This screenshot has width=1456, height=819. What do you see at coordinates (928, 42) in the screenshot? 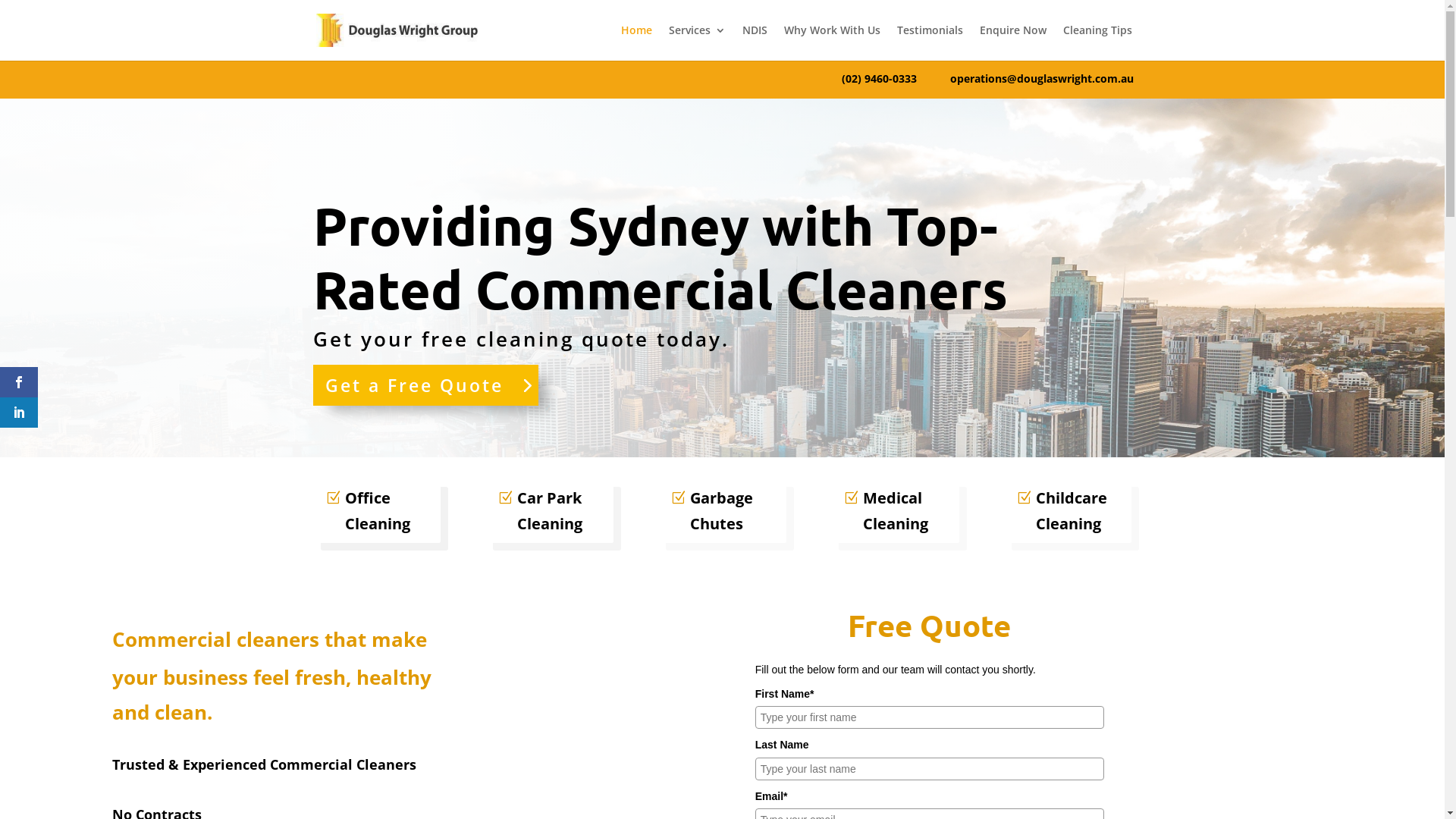
I see `'Testimonials'` at bounding box center [928, 42].